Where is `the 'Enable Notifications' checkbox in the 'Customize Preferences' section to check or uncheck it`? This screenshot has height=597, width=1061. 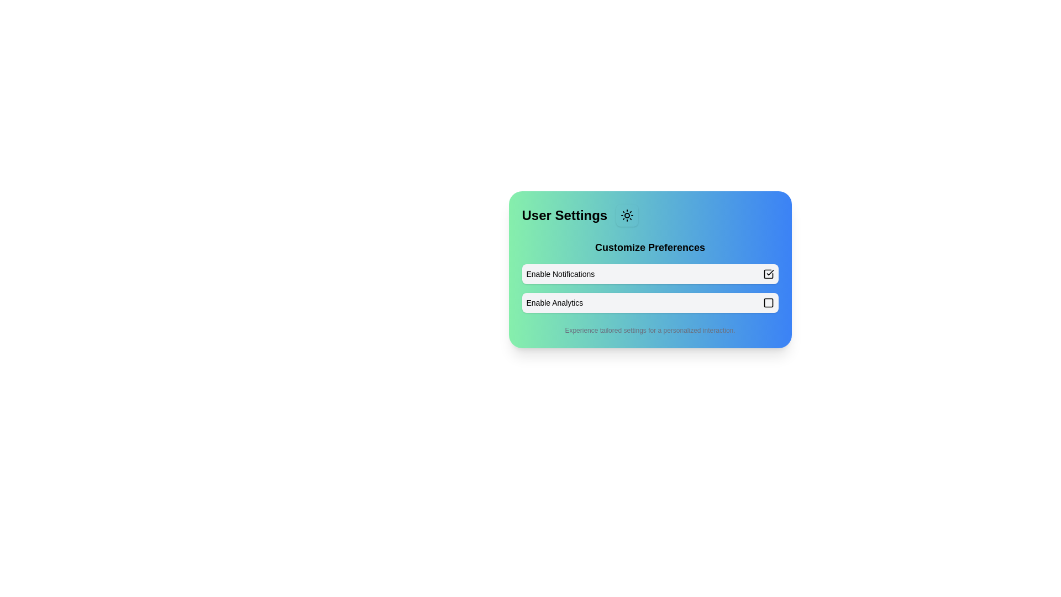 the 'Enable Notifications' checkbox in the 'Customize Preferences' section to check or uncheck it is located at coordinates (650, 276).